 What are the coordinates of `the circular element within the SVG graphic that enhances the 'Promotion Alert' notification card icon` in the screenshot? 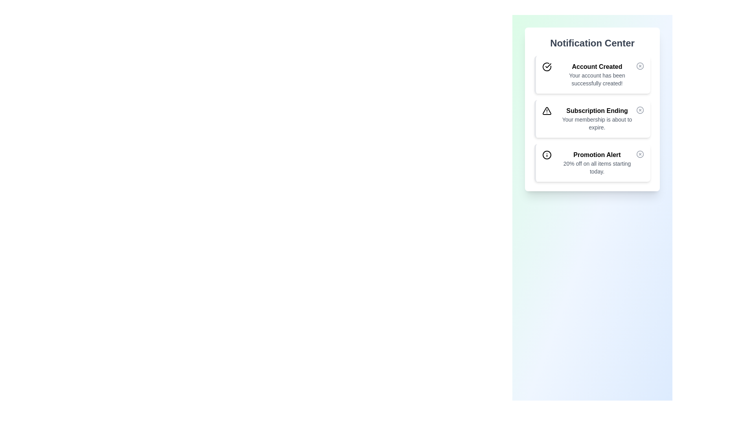 It's located at (547, 155).